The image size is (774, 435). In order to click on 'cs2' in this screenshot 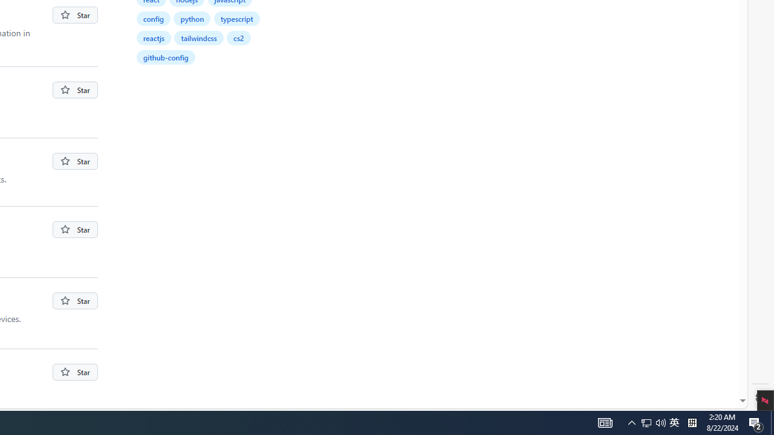, I will do `click(238, 37)`.